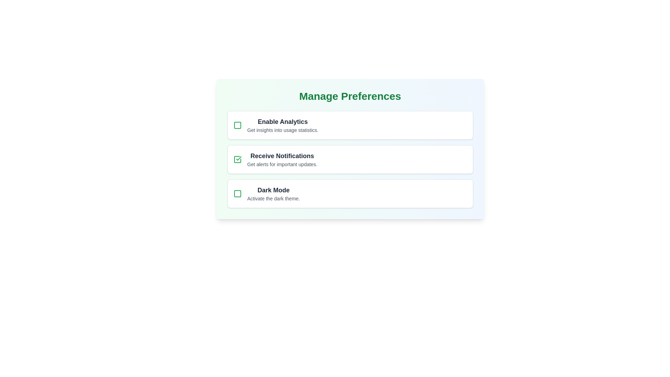  Describe the element at coordinates (283, 130) in the screenshot. I see `the Text Label that reads 'Get insights into usage statistics.' located below the 'Enable Analytics' heading` at that location.